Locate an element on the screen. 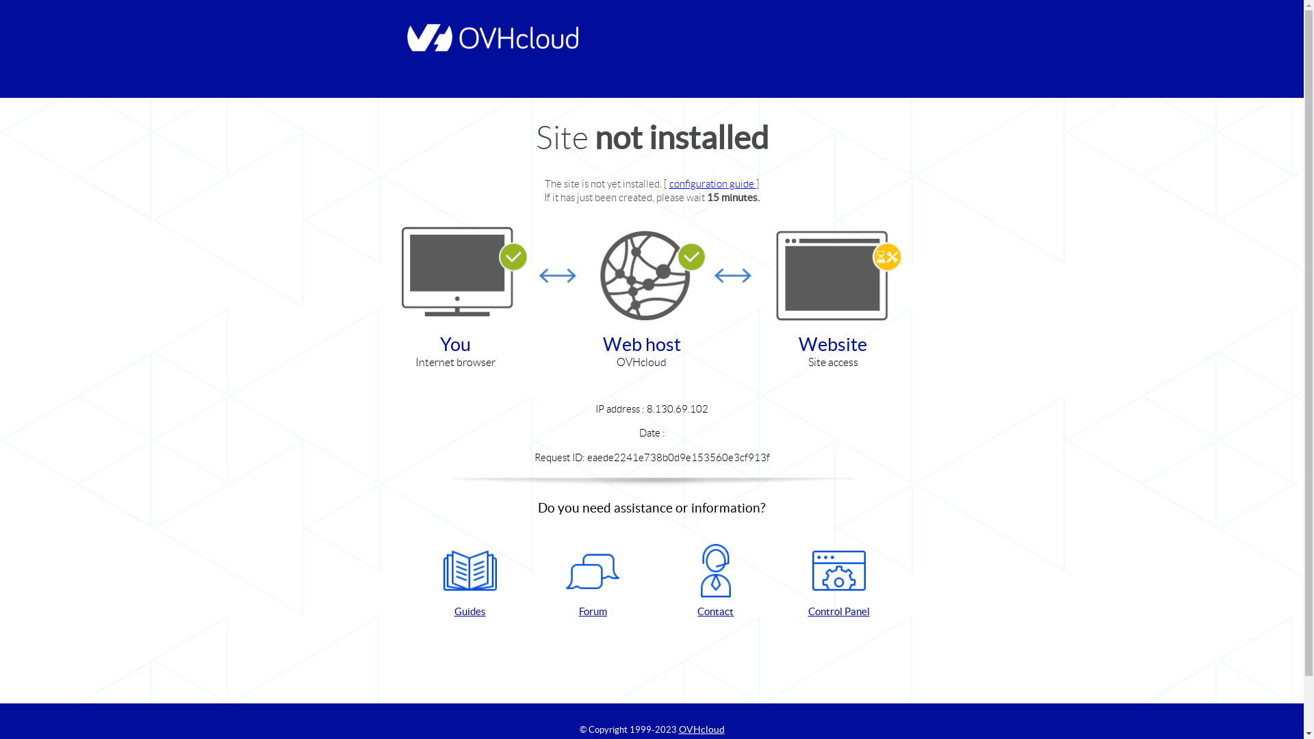  'Control Panel' is located at coordinates (838, 581).